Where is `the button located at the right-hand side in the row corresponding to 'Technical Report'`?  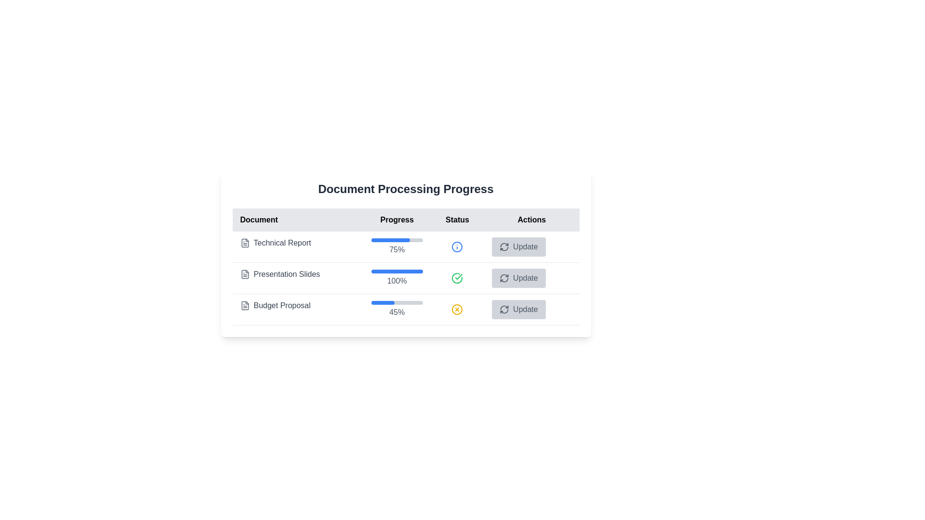
the button located at the right-hand side in the row corresponding to 'Technical Report' is located at coordinates (531, 247).